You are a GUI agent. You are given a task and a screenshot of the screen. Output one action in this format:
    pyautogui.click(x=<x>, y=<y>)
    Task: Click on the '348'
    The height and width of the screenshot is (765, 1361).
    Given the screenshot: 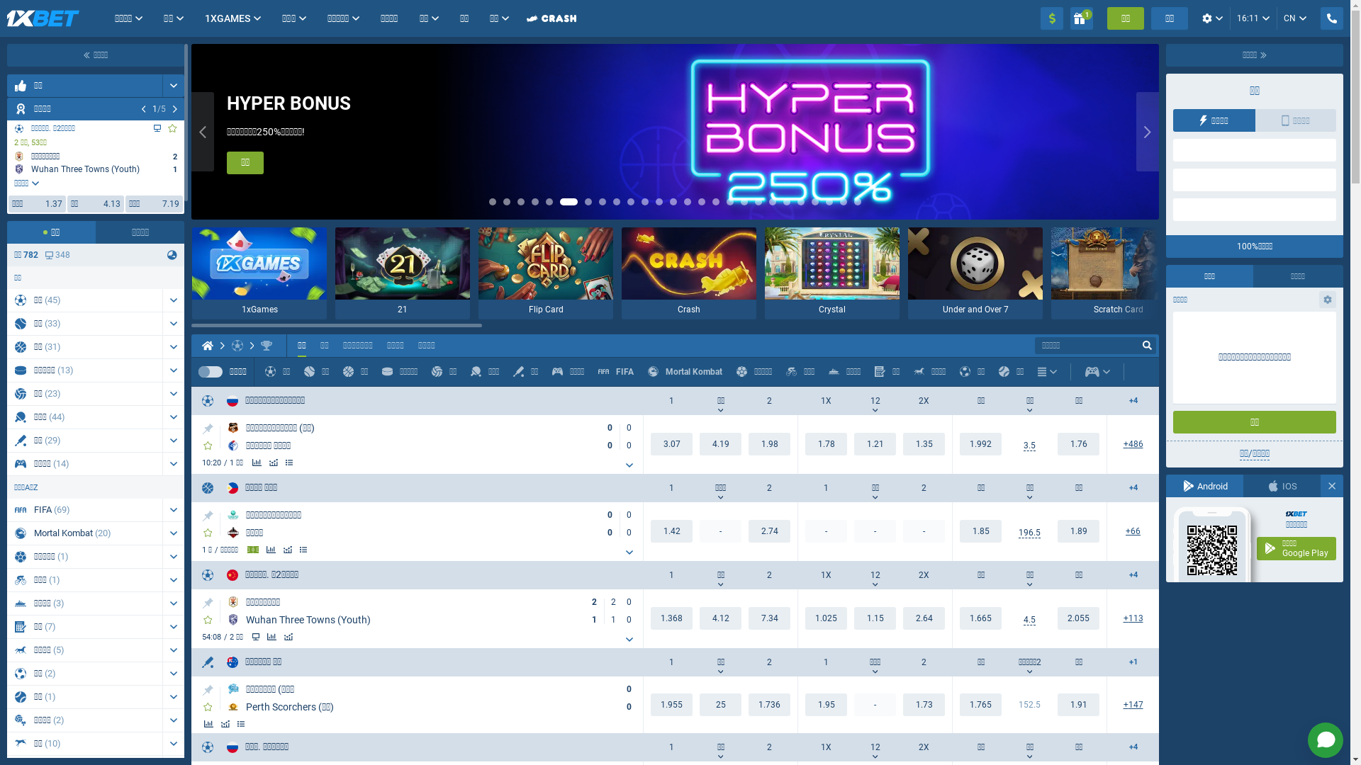 What is the action you would take?
    pyautogui.click(x=57, y=254)
    